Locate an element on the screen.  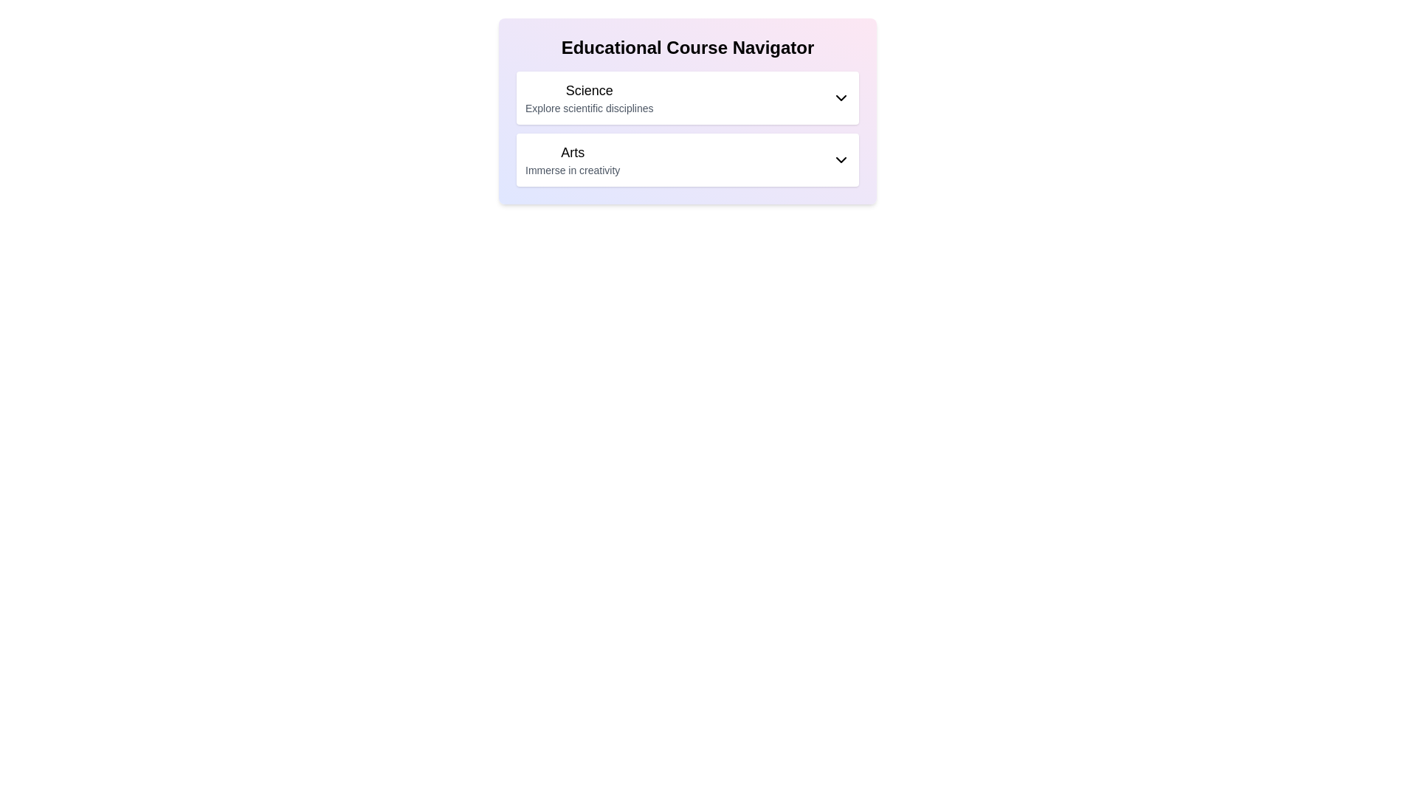
text label that says 'Explore scientific disciplines', which is styled in gray and positioned below the 'Science' heading in the Educational Course Navigator is located at coordinates (588, 107).